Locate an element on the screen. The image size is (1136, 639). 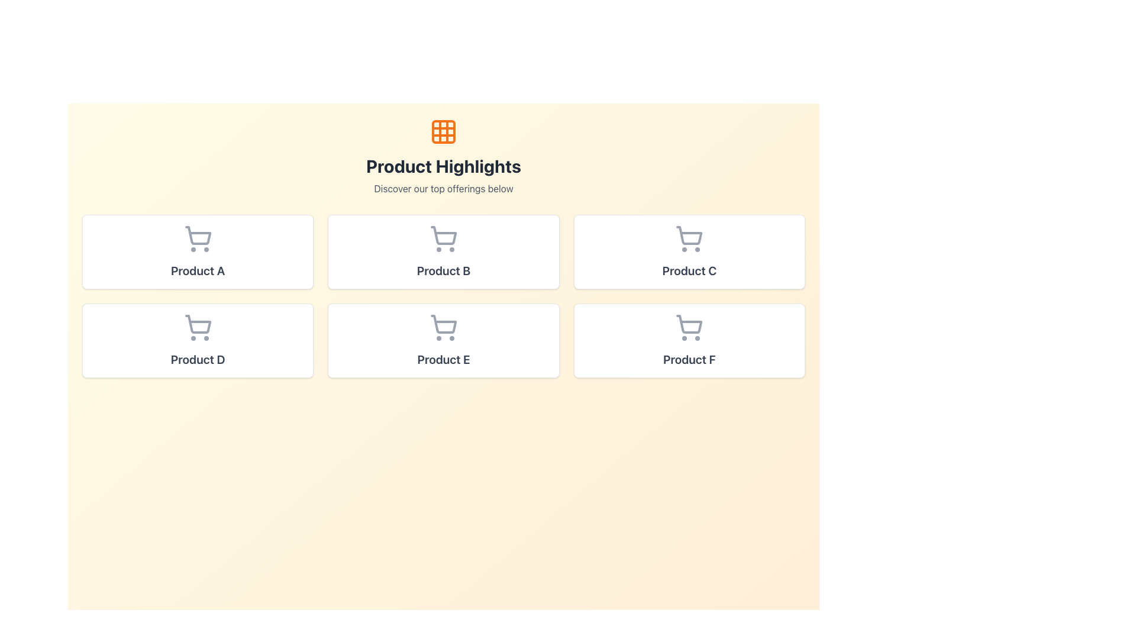
the text label that reads 'Discover our top offerings below', which is styled in a smaller, lighter-colored font and positioned centrally below the heading 'Product Highlights' is located at coordinates (443, 188).